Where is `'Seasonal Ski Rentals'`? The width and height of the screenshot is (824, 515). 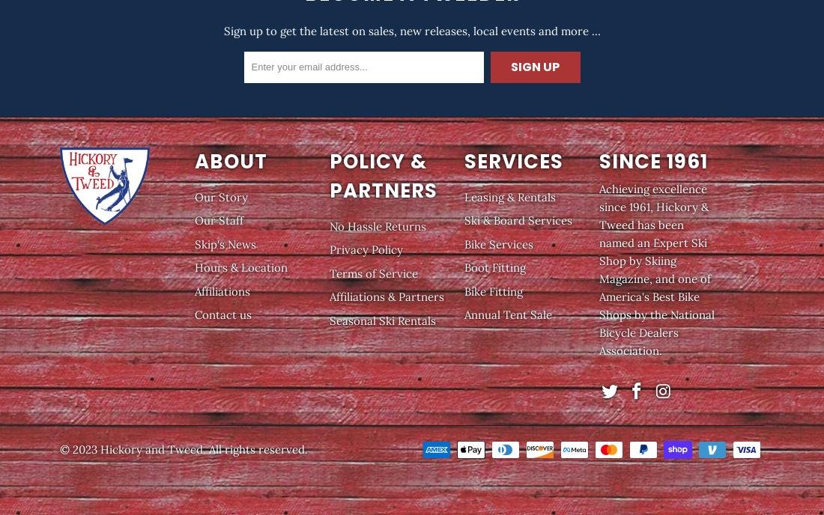
'Seasonal Ski Rentals' is located at coordinates (382, 320).